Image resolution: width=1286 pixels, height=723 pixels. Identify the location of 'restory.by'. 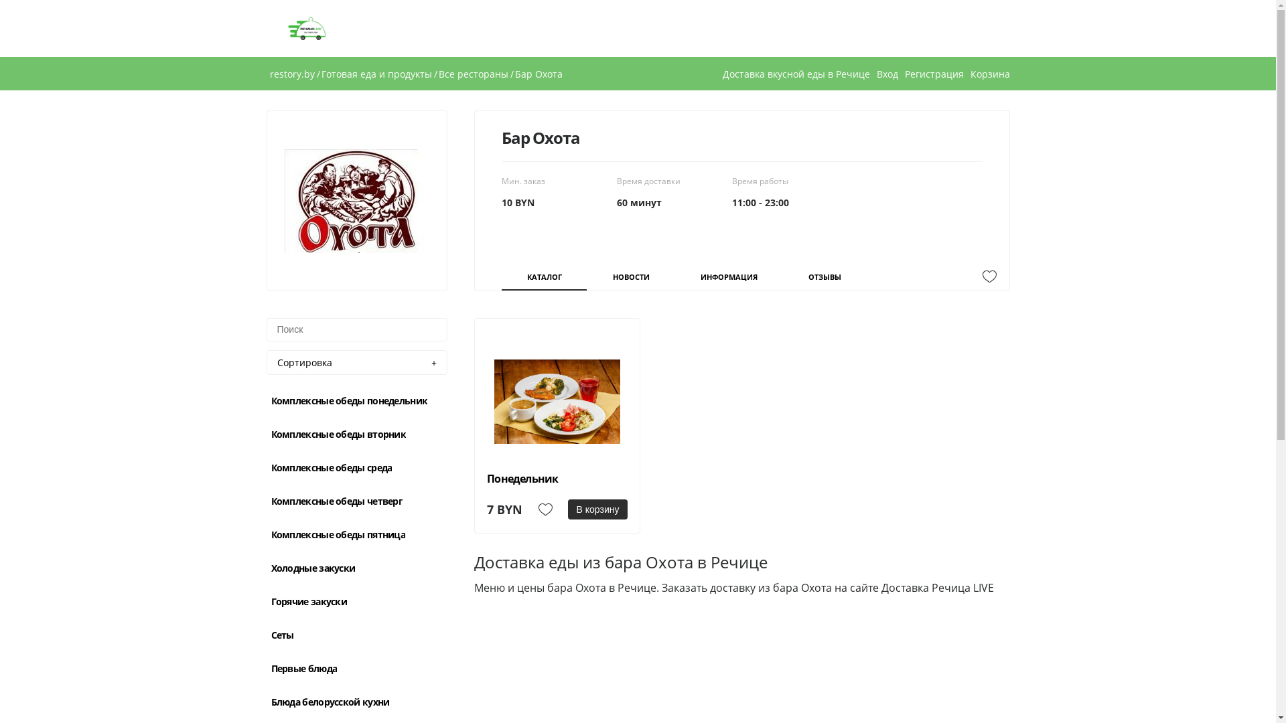
(269, 74).